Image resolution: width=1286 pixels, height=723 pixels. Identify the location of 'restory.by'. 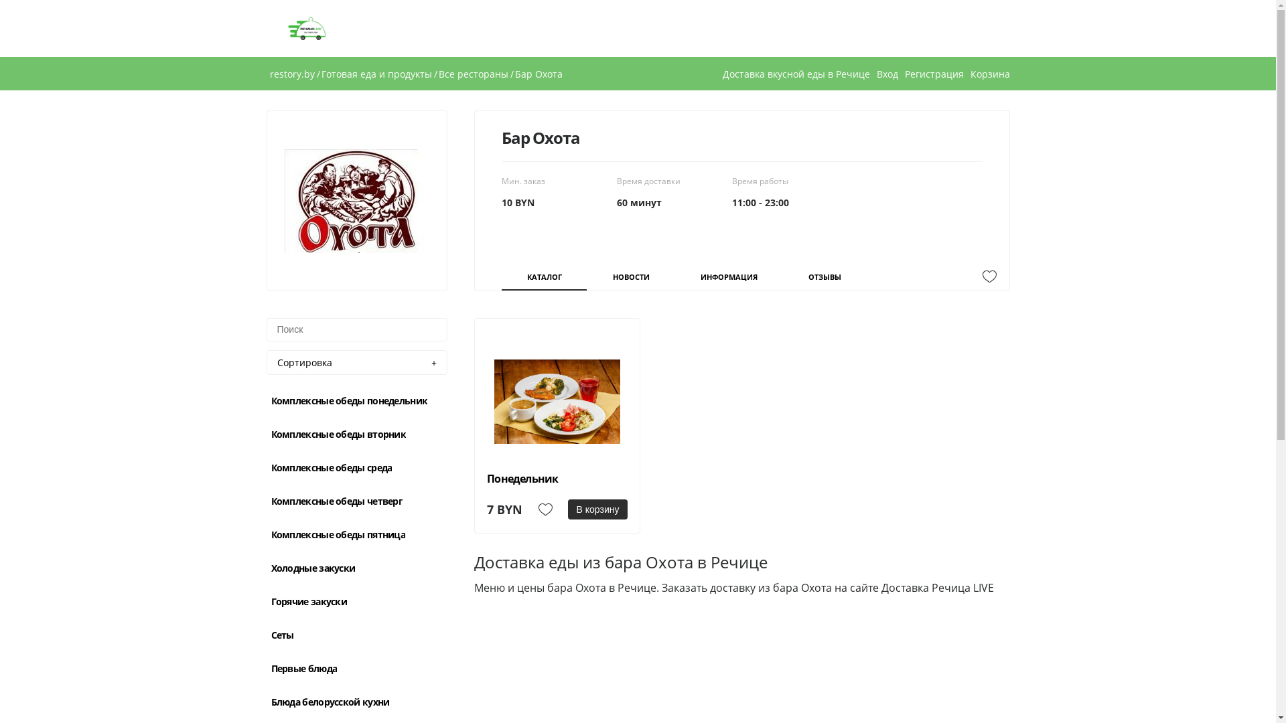
(269, 74).